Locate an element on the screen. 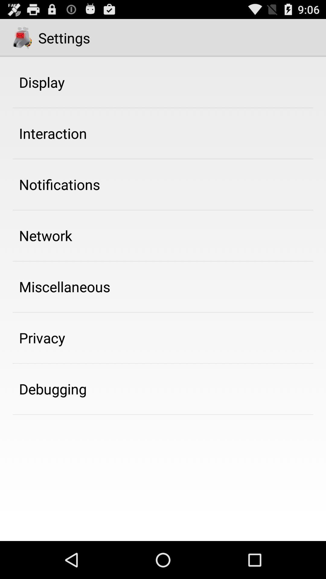 This screenshot has width=326, height=579. item above the notifications icon is located at coordinates (53, 133).